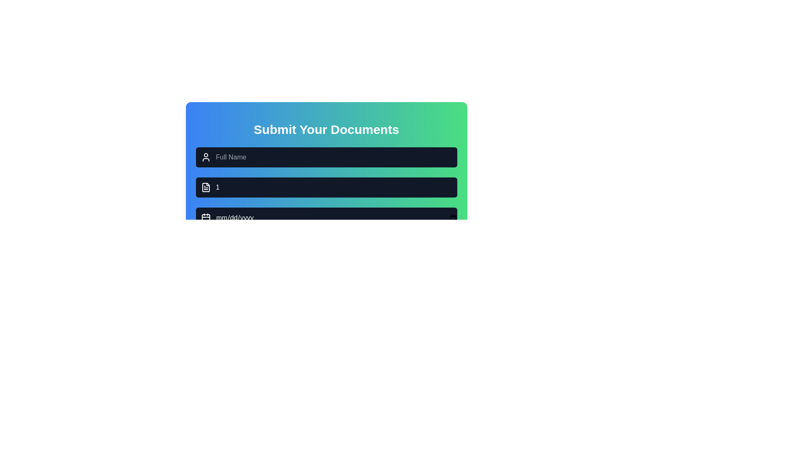 The width and height of the screenshot is (804, 452). I want to click on the calendar background icon element to potentially display a tooltip, so click(206, 218).